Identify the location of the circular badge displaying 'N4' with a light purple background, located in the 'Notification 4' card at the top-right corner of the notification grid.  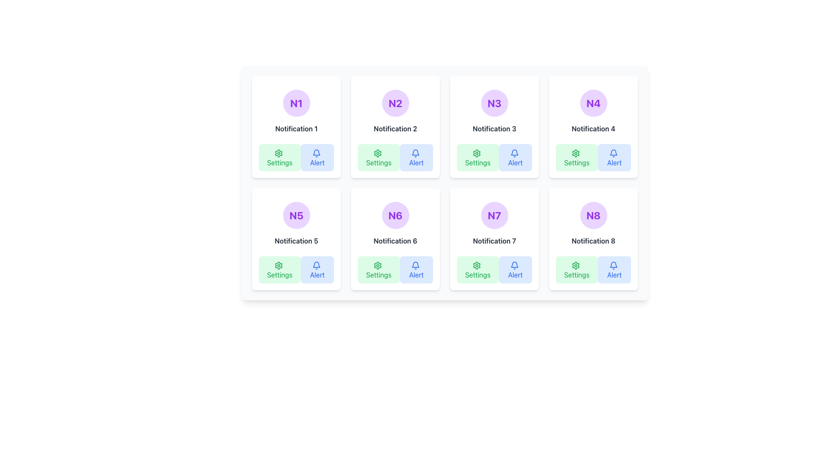
(593, 103).